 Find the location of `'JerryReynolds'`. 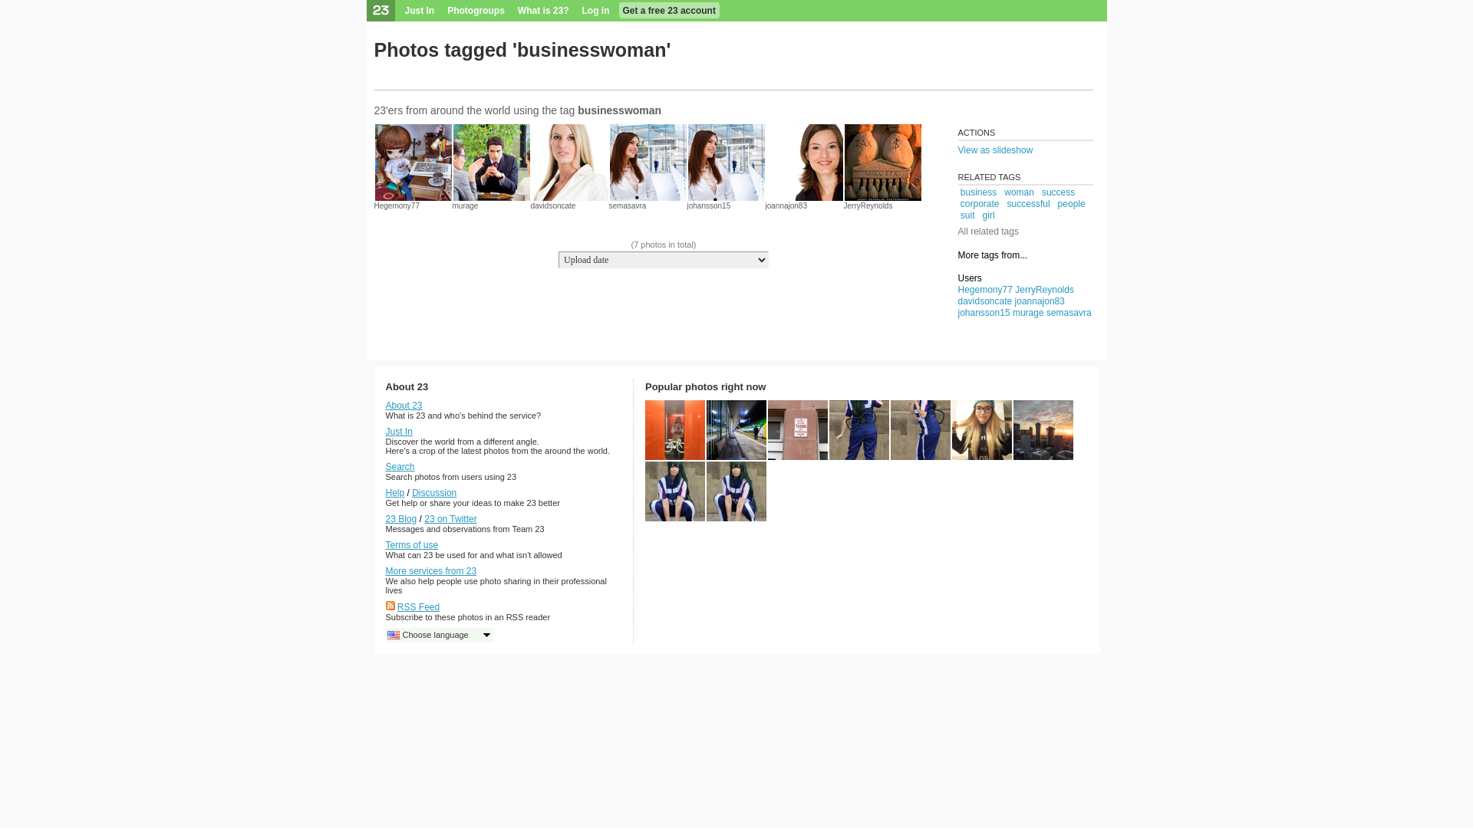

'JerryReynolds' is located at coordinates (868, 205).